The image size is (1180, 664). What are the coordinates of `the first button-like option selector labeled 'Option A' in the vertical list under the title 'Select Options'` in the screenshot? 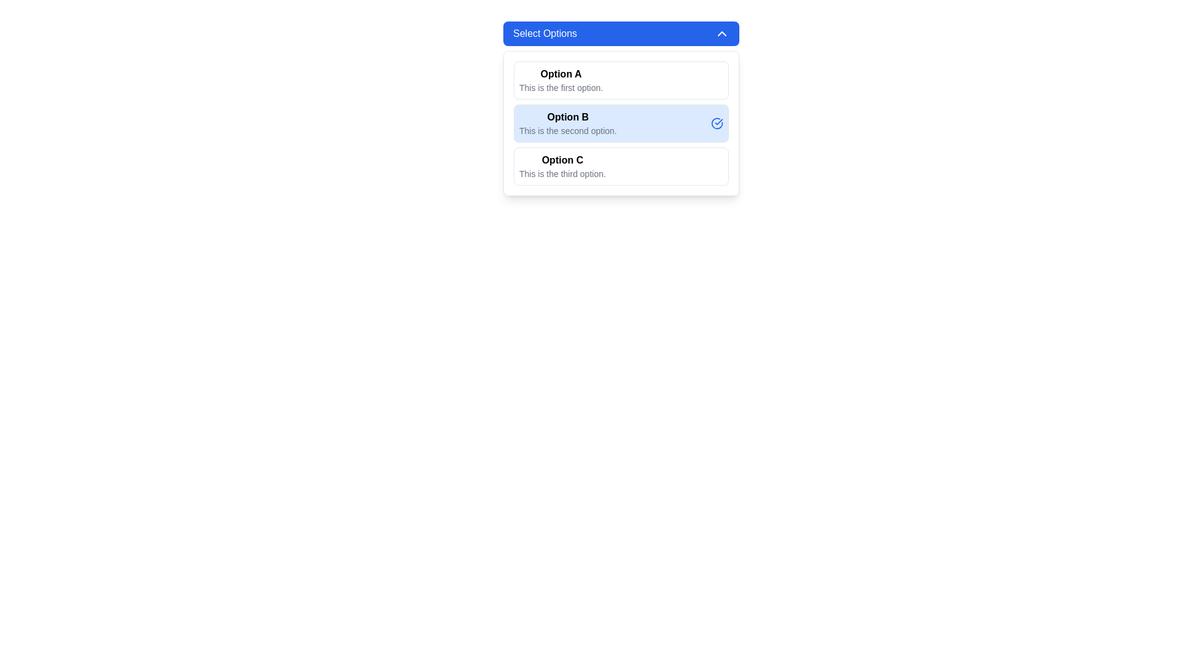 It's located at (621, 81).